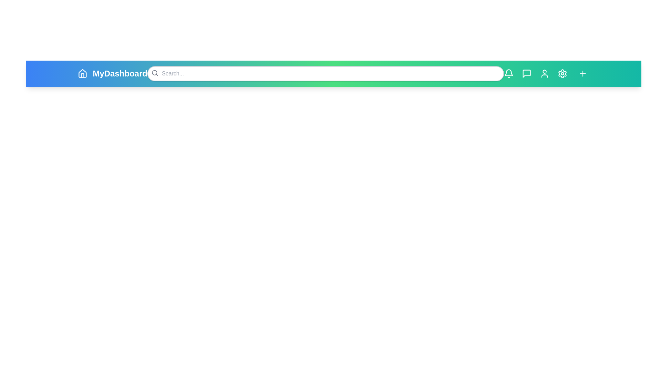 The height and width of the screenshot is (372, 661). Describe the element at coordinates (82, 73) in the screenshot. I see `the icon with Home to view its hover effect` at that location.